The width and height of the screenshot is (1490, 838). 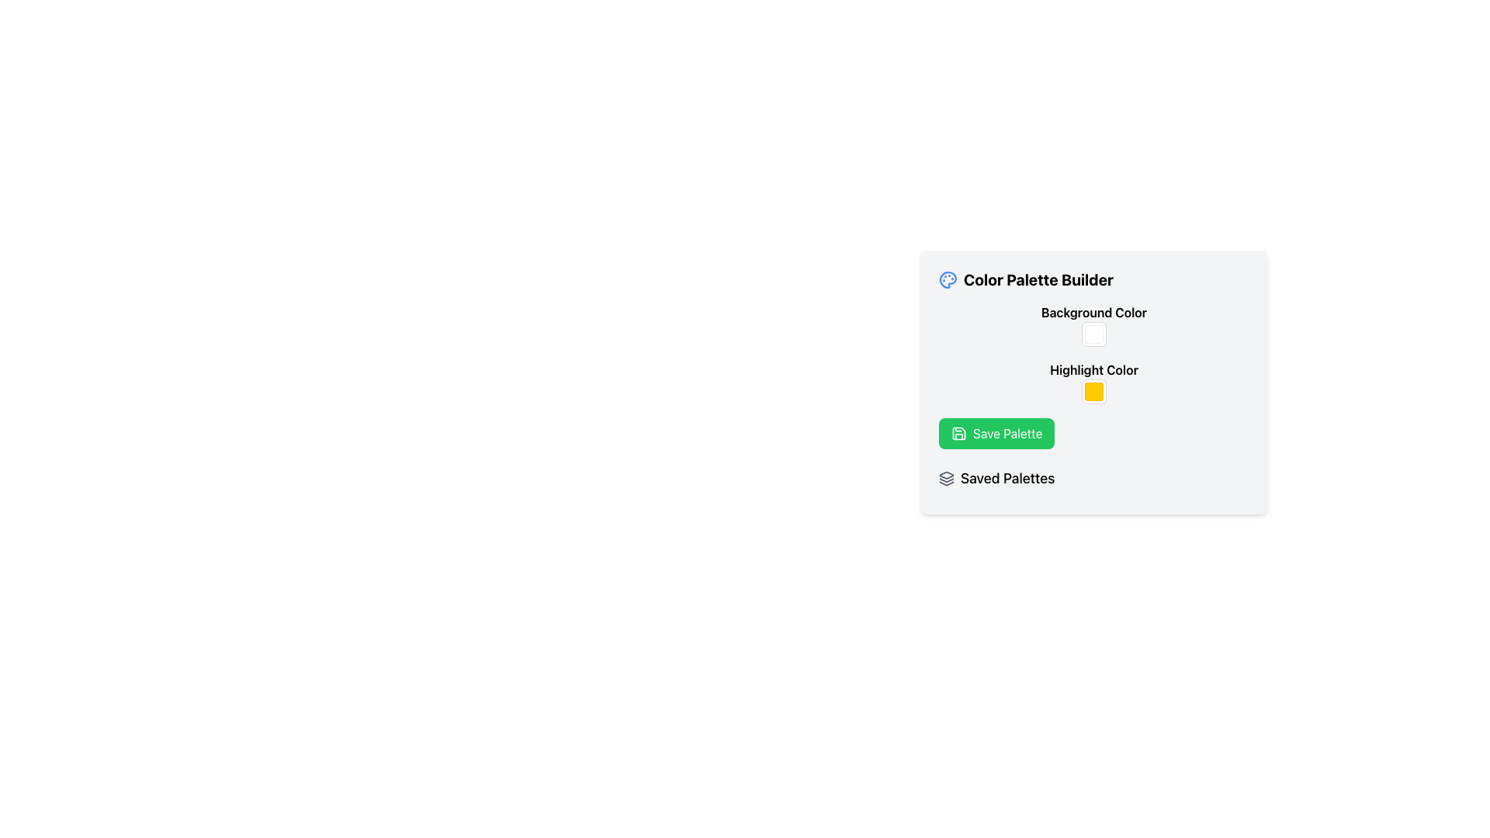 What do you see at coordinates (945, 478) in the screenshot?
I see `the icon in the 'Saved Palettes' section, located to the left of the text 'Saved Palettes'` at bounding box center [945, 478].